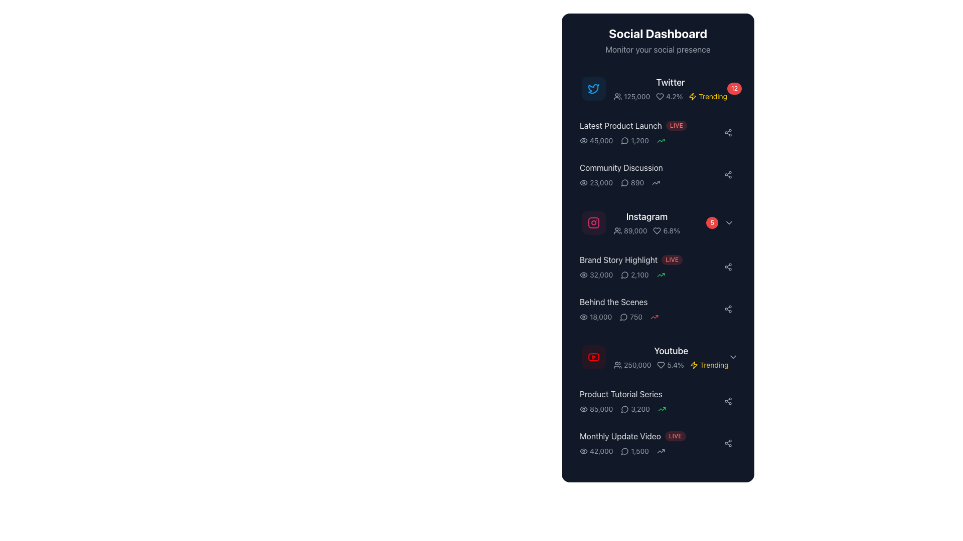 The image size is (963, 541). I want to click on the metrics displayed in the Information panel, which includes the eye icon with '45,000', comment icon with '1,200', and growth chart icon, located in the Social Dashboard section, so click(658, 132).